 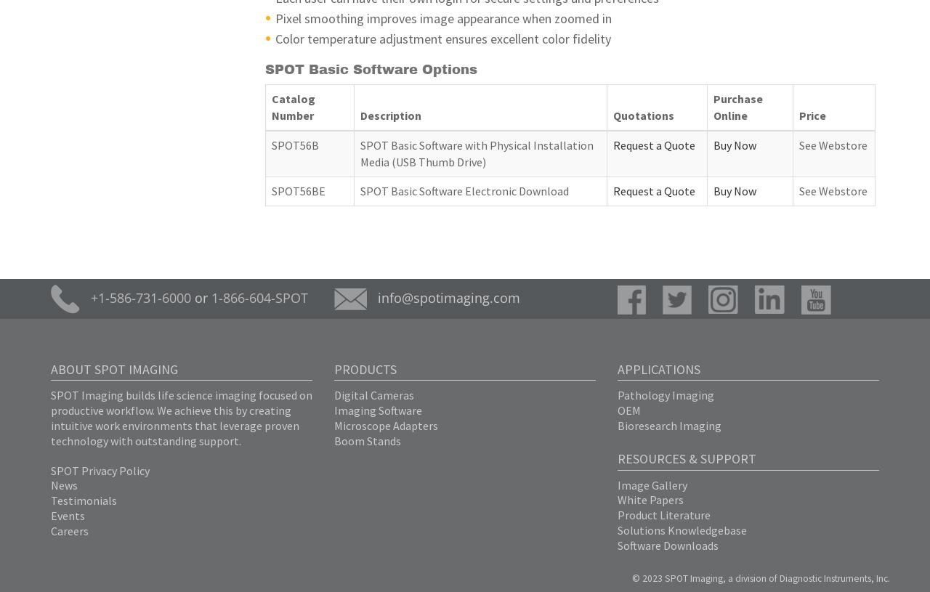 I want to click on 'News', so click(x=51, y=484).